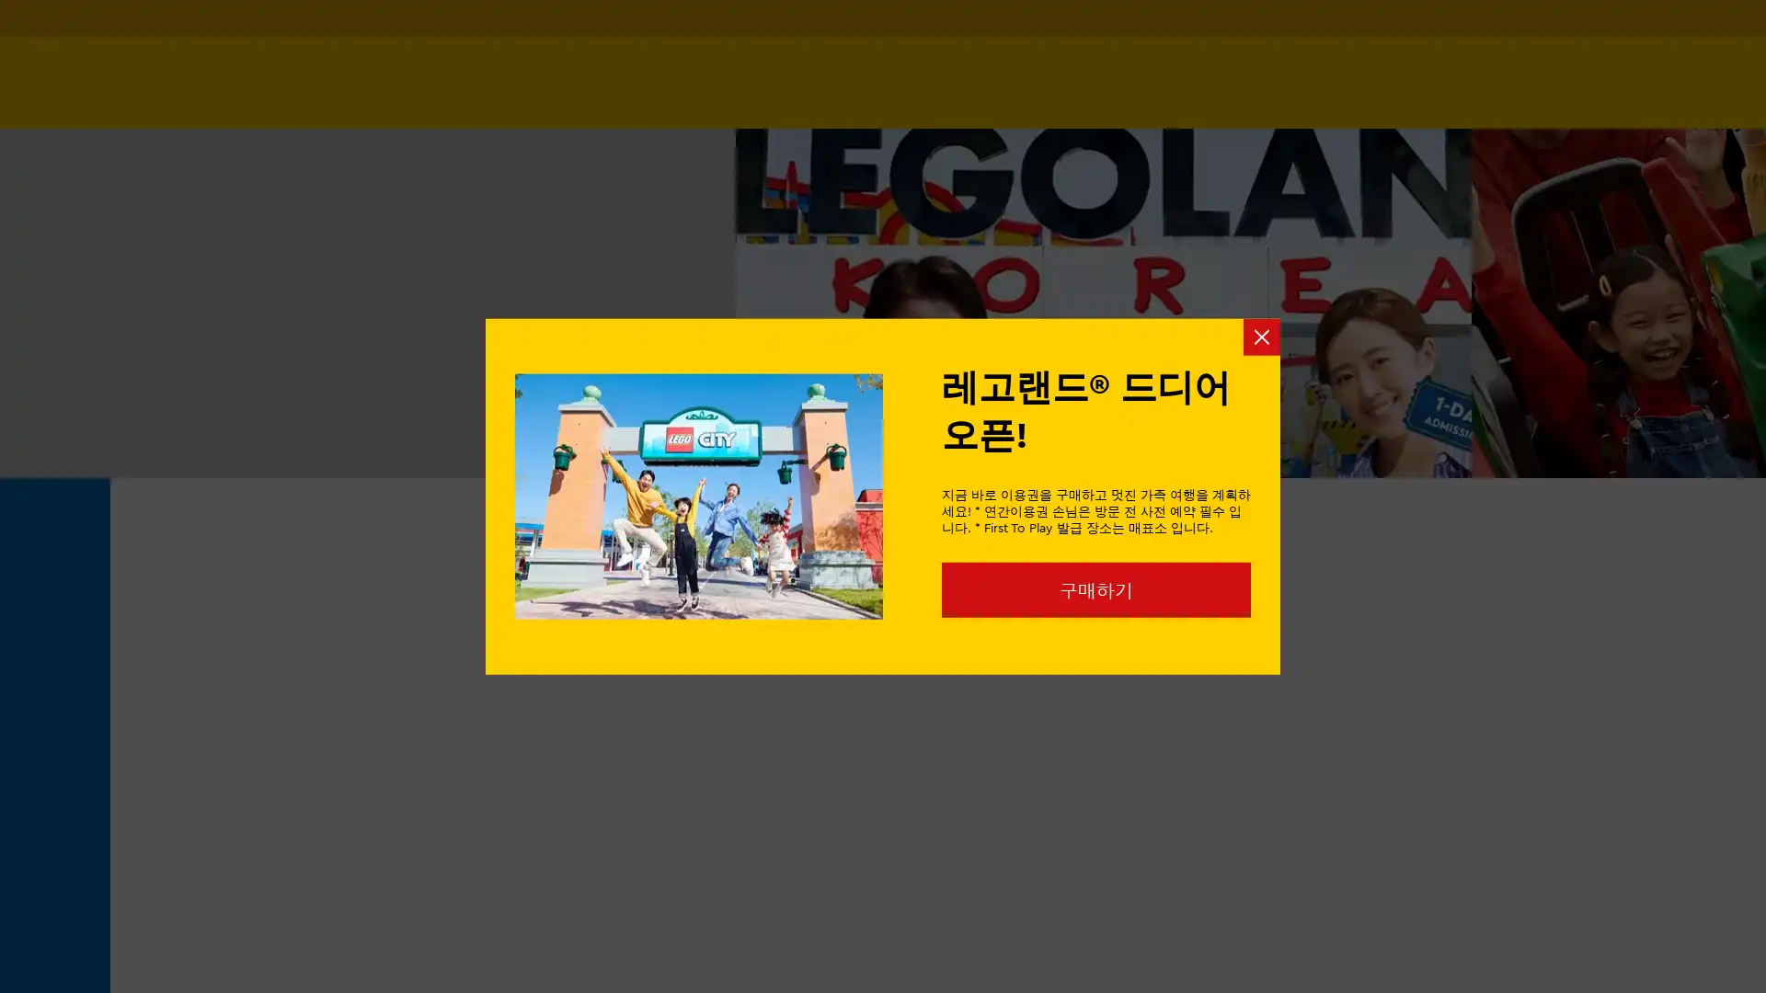  I want to click on Go to slide 2, so click(871, 712).